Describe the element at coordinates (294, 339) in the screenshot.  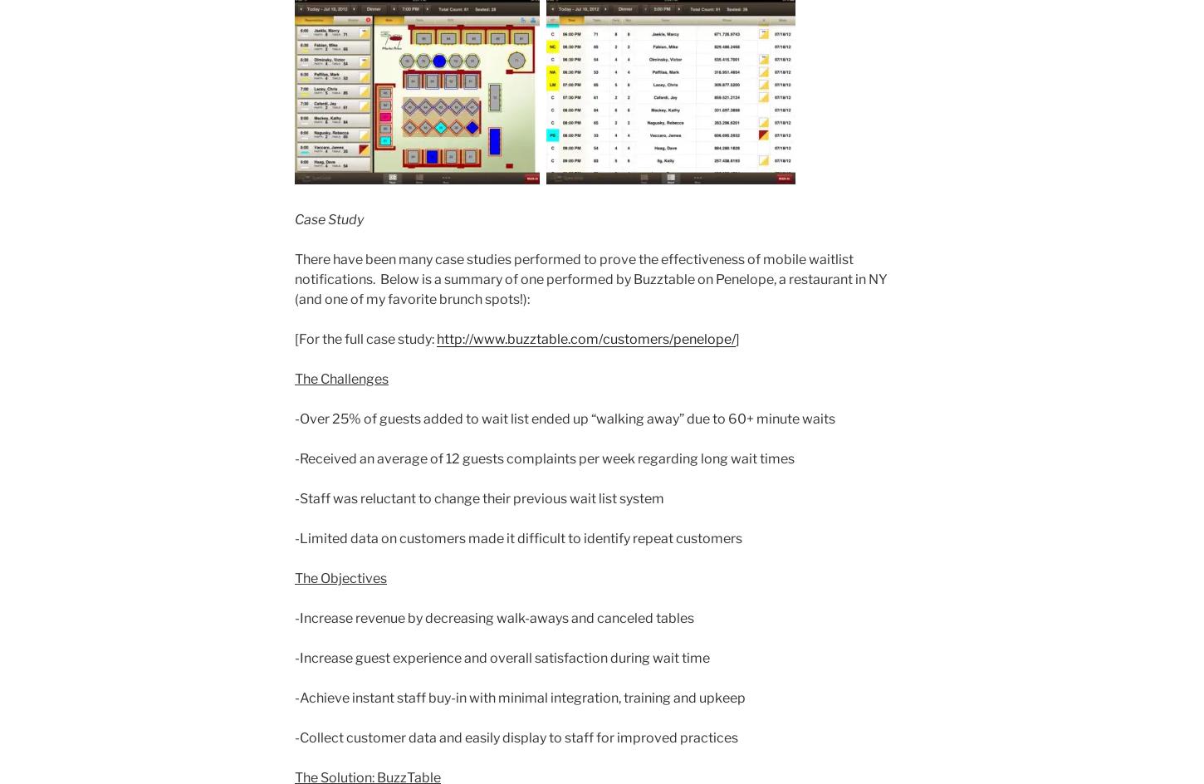
I see `'[For the full case study:'` at that location.